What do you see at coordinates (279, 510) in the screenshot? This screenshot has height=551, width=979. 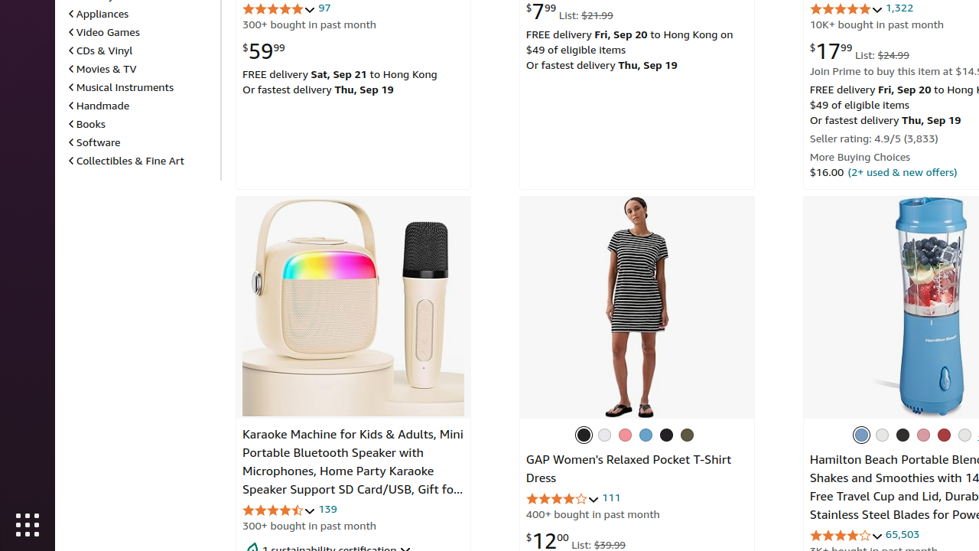 I see `'4.7 out of 5 stars'` at bounding box center [279, 510].